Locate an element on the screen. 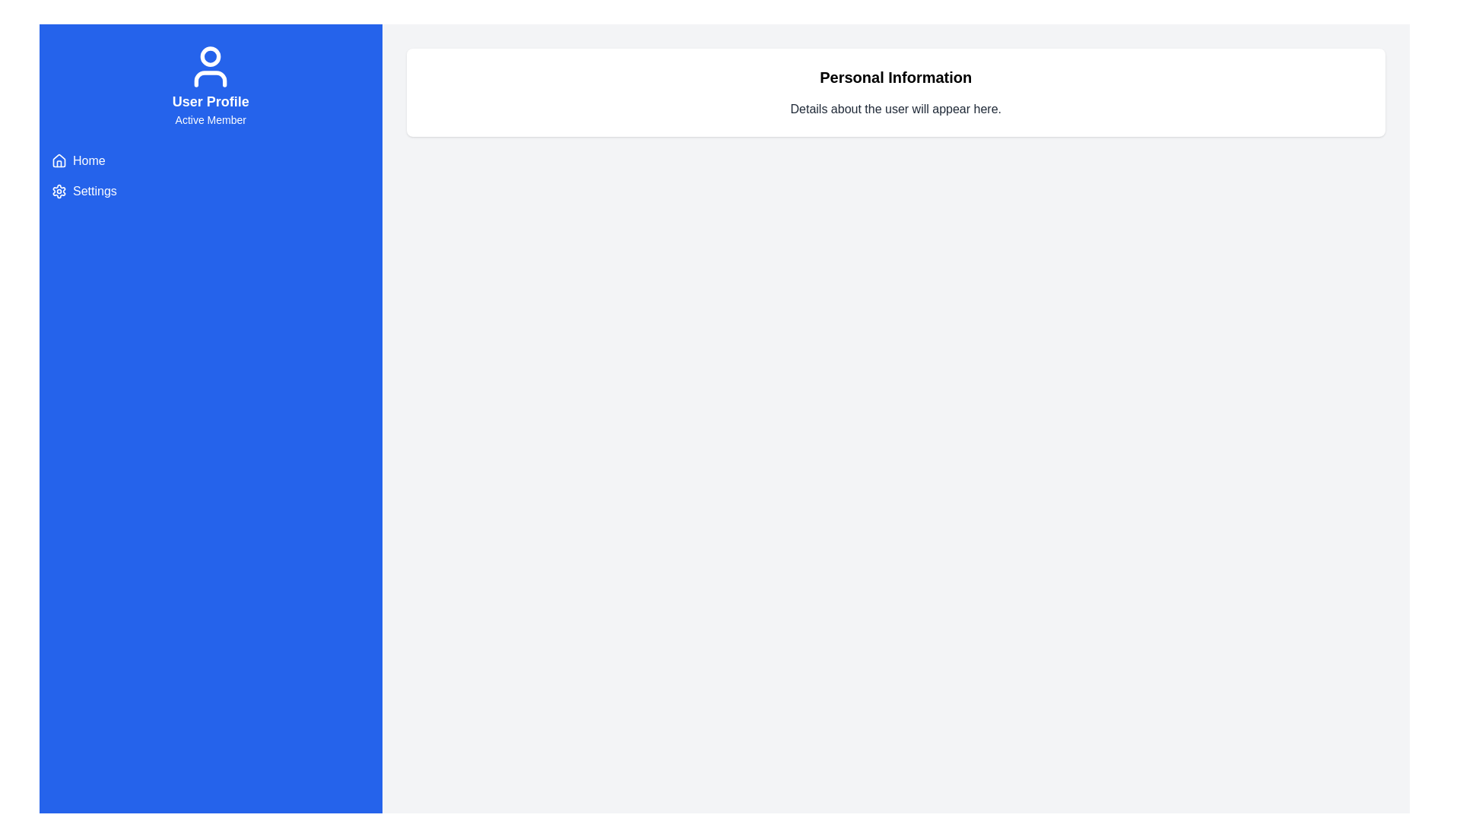 The height and width of the screenshot is (821, 1460). the upper circular part of the user profile icon, which visually represents the head, located just below the top boundary of the icon is located at coordinates (210, 55).